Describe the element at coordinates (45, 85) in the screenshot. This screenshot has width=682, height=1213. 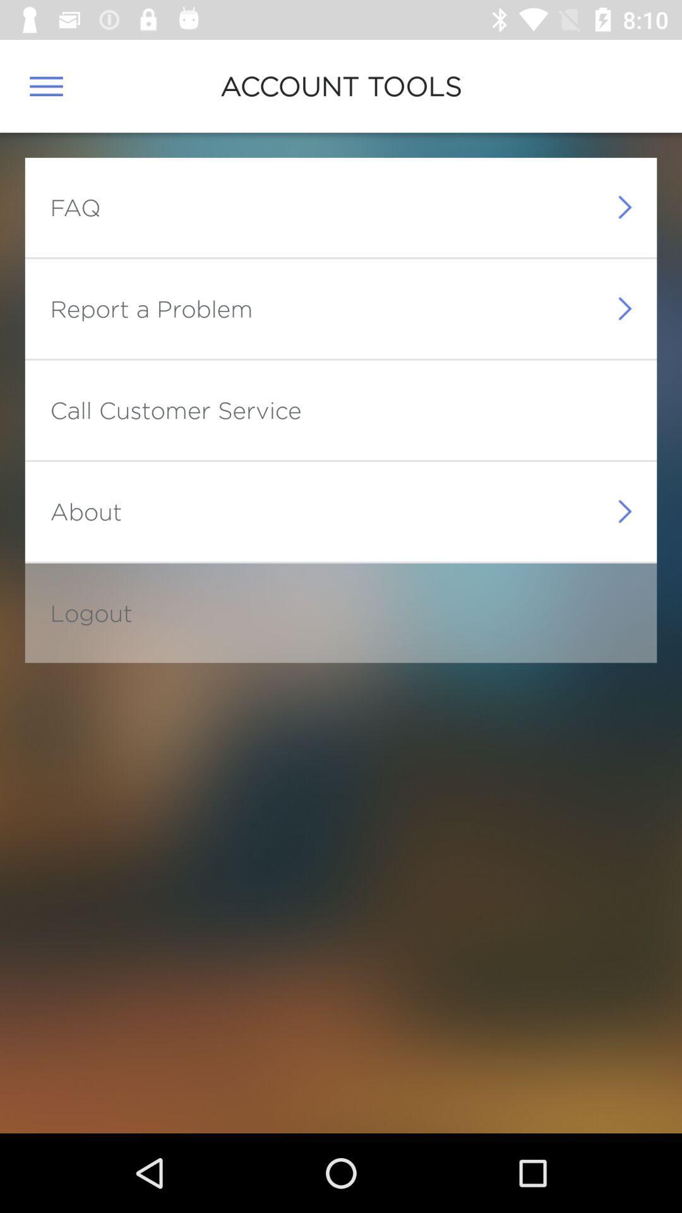
I see `the app next to account tools item` at that location.